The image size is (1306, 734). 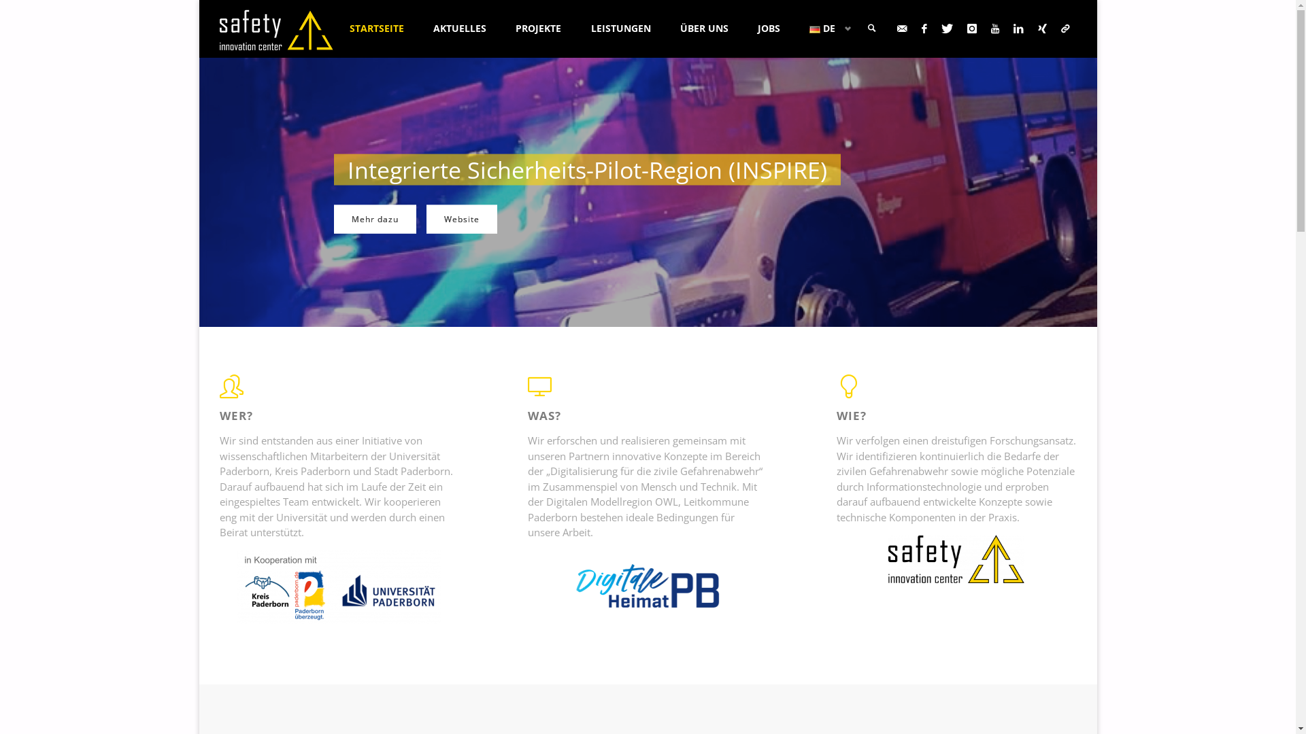 What do you see at coordinates (994, 29) in the screenshot?
I see `'YouTube'` at bounding box center [994, 29].